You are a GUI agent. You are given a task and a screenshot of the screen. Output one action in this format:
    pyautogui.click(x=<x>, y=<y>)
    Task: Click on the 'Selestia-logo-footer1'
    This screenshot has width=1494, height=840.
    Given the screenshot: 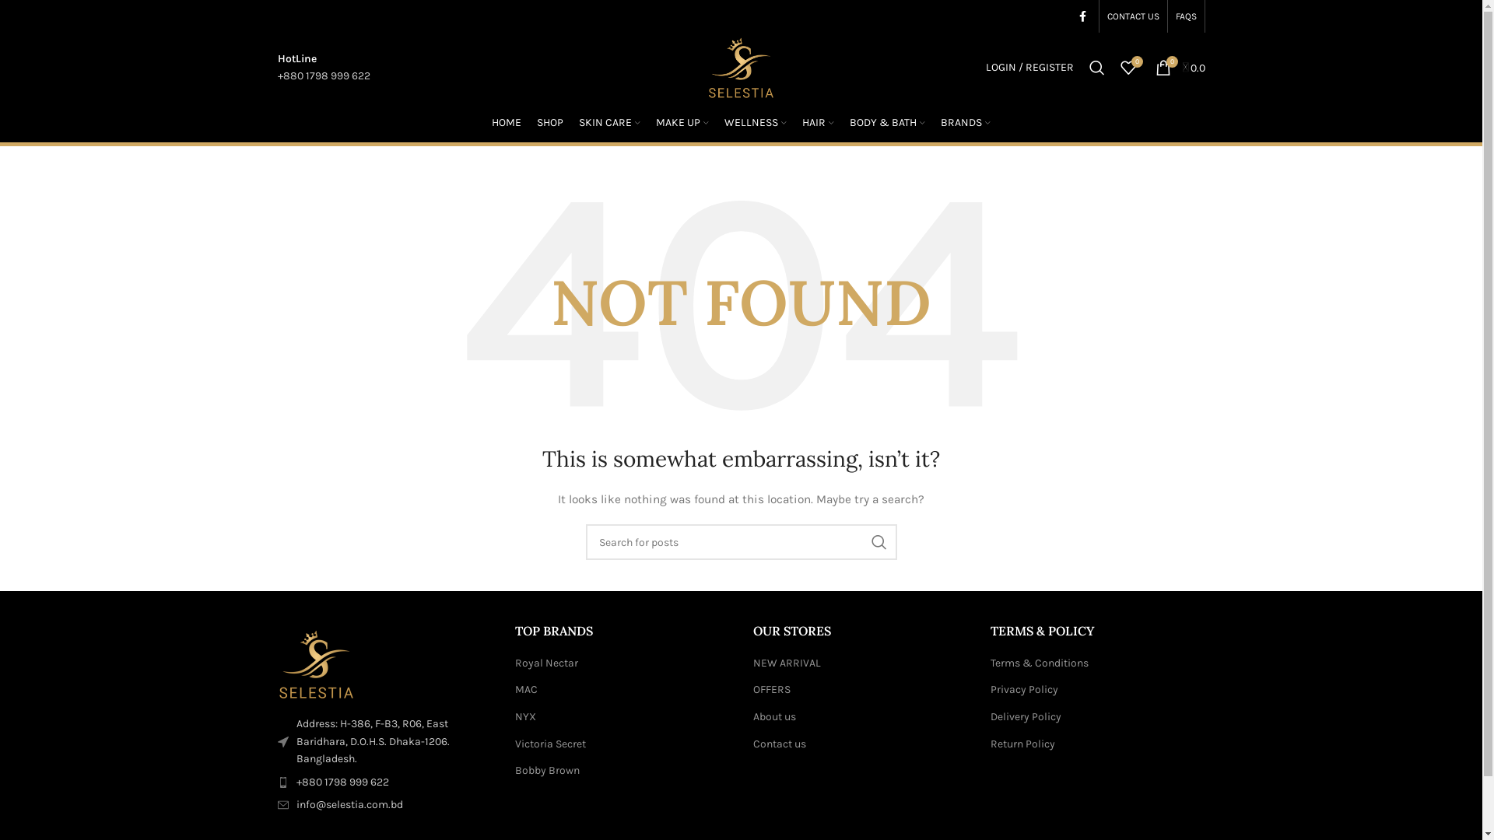 What is the action you would take?
    pyautogui.click(x=276, y=665)
    